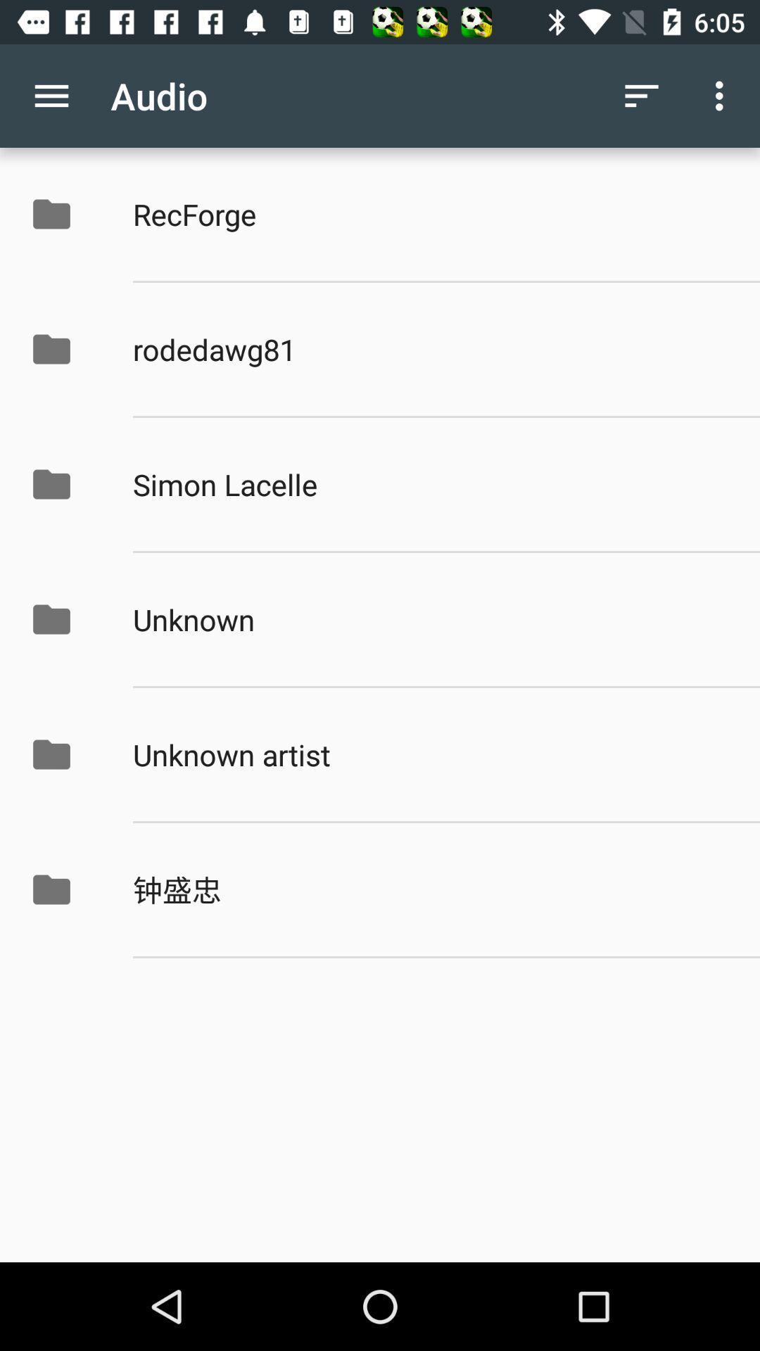 This screenshot has width=760, height=1351. Describe the element at coordinates (431, 889) in the screenshot. I see `app below the unknown artist app` at that location.